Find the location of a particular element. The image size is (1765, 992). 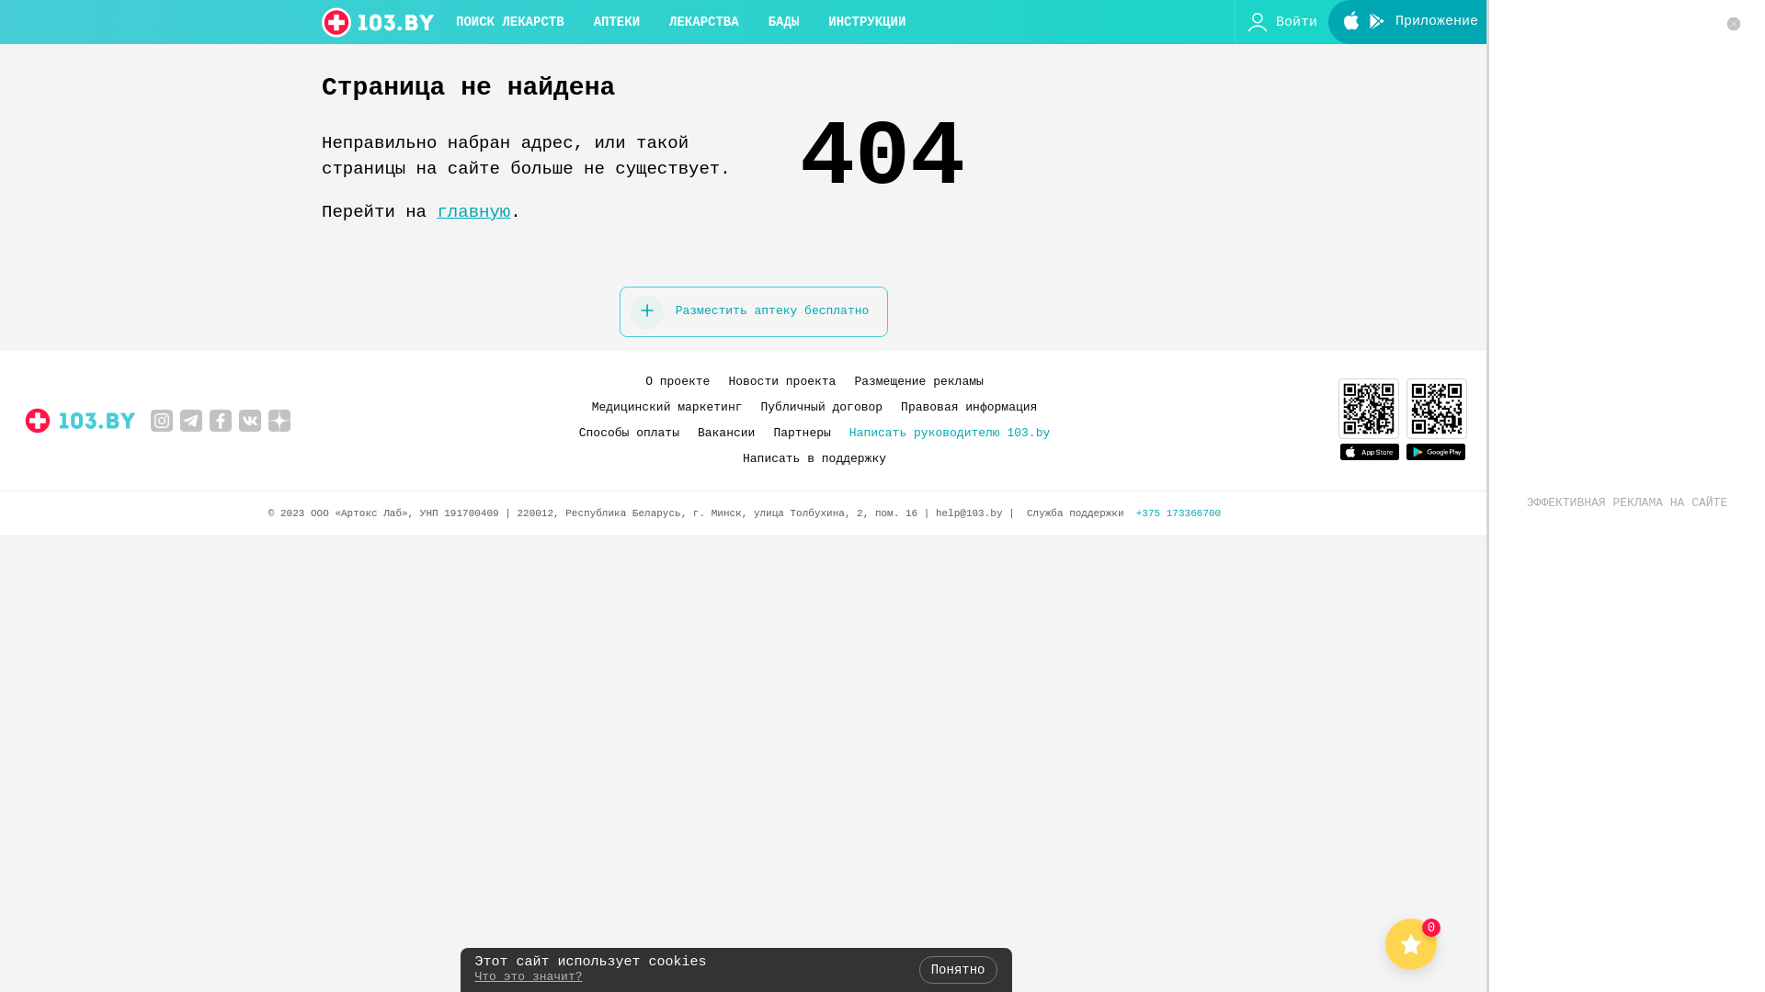

'+375 173366700' is located at coordinates (1178, 513).